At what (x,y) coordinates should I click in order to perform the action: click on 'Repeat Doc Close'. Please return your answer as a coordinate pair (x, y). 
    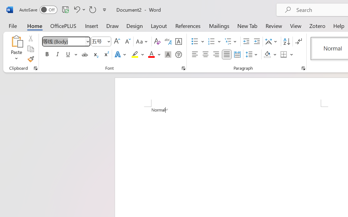
    Looking at the image, I should click on (93, 9).